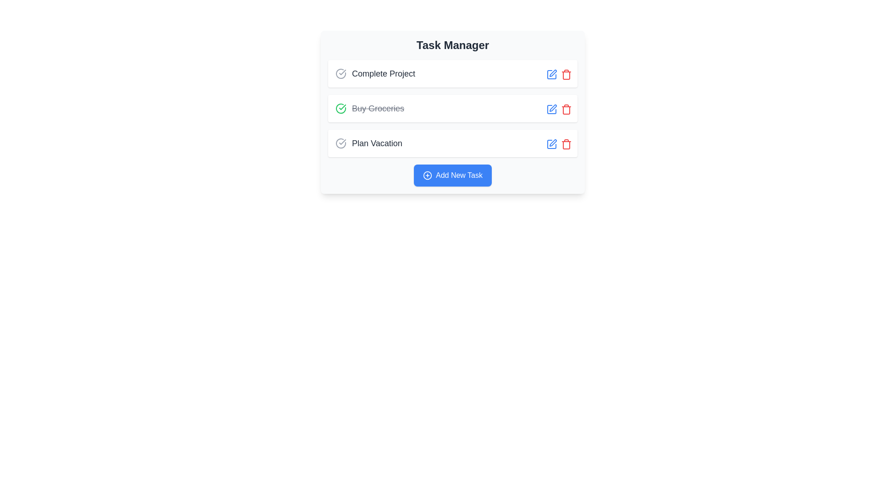 This screenshot has height=495, width=880. What do you see at coordinates (368, 143) in the screenshot?
I see `the checked task list item displaying 'Plan Vacation' with a gray checkmark icon in the 'Task Manager' card to interact with it` at bounding box center [368, 143].